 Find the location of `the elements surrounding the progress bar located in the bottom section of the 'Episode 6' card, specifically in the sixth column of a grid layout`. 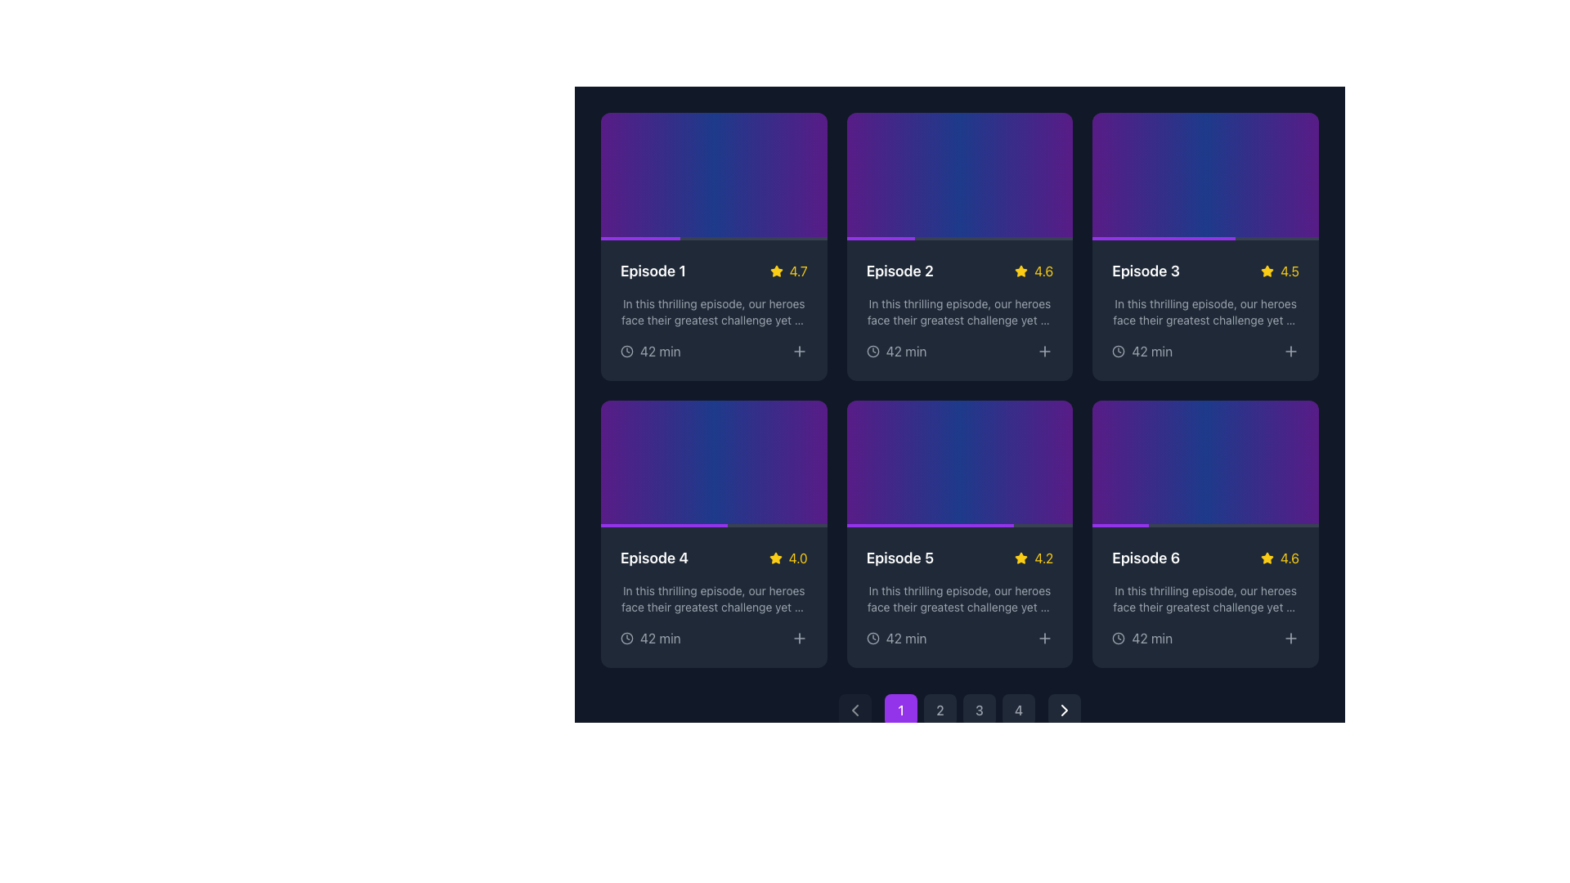

the elements surrounding the progress bar located in the bottom section of the 'Episode 6' card, specifically in the sixth column of a grid layout is located at coordinates (1205, 526).